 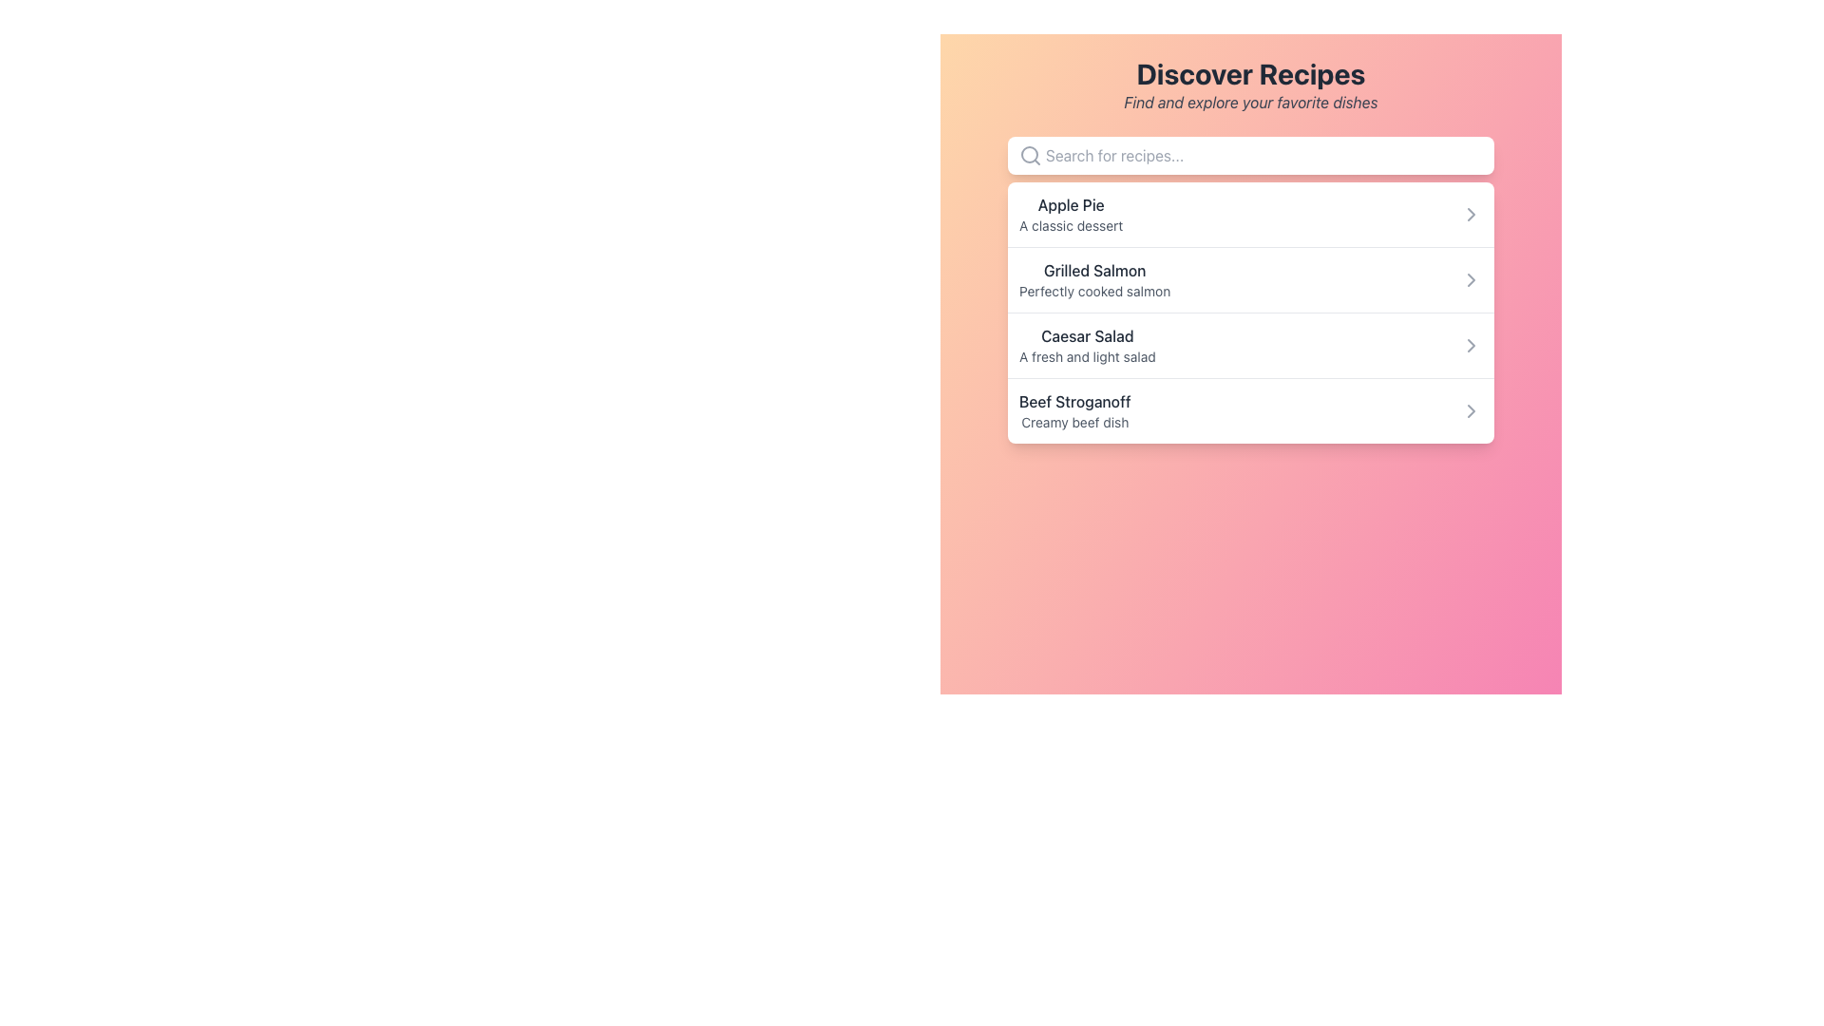 I want to click on the right-pointing chevron icon located at the far-right end of the fourth list item labeled 'Beef Stroganoff', so click(x=1471, y=409).